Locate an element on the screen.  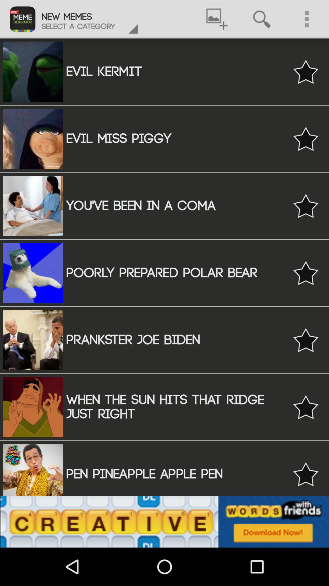
favorite button is located at coordinates (306, 474).